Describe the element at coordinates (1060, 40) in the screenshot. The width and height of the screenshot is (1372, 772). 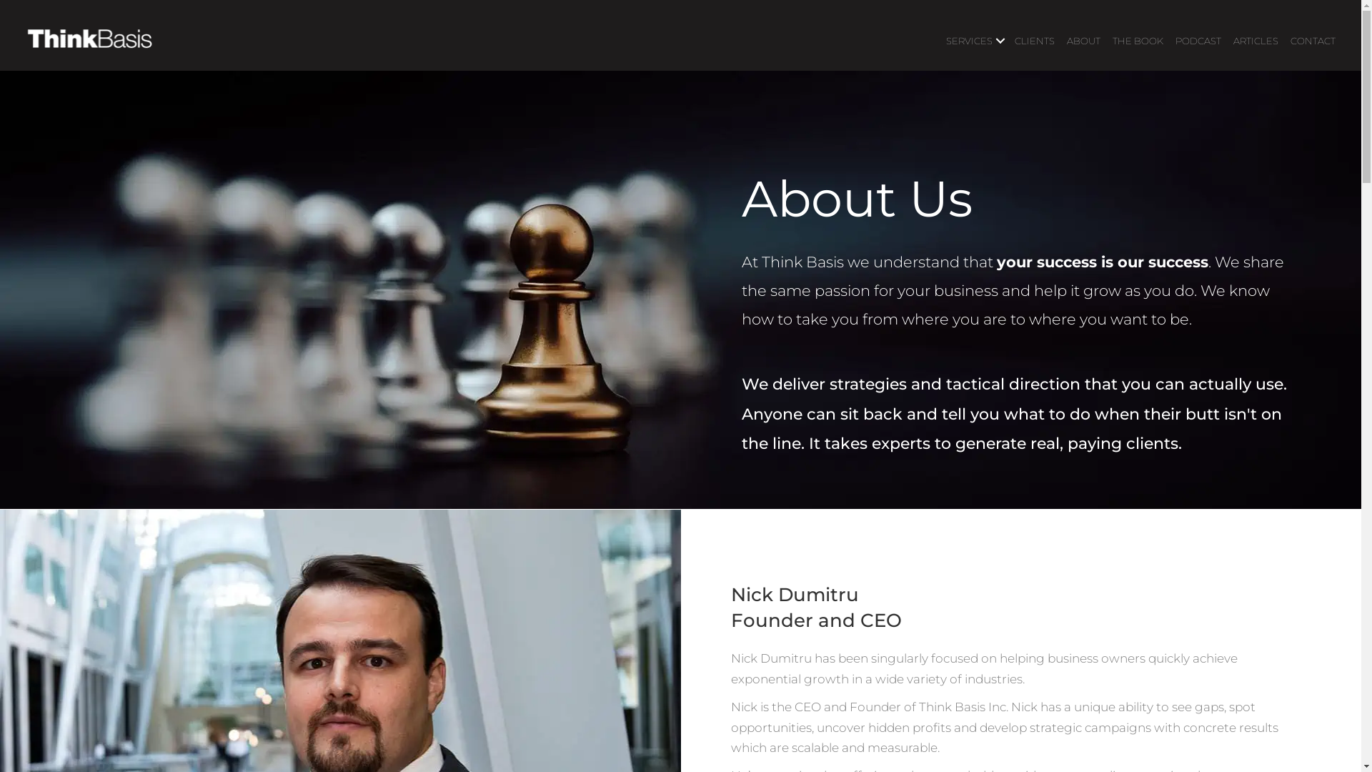
I see `'ABOUT'` at that location.